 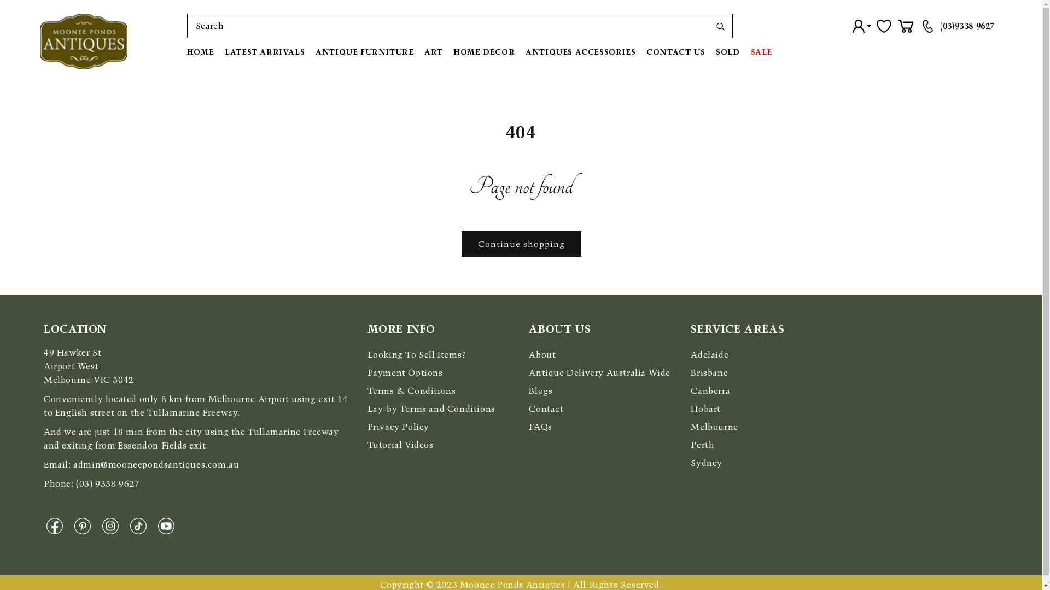 What do you see at coordinates (404, 372) in the screenshot?
I see `'Payment Options'` at bounding box center [404, 372].